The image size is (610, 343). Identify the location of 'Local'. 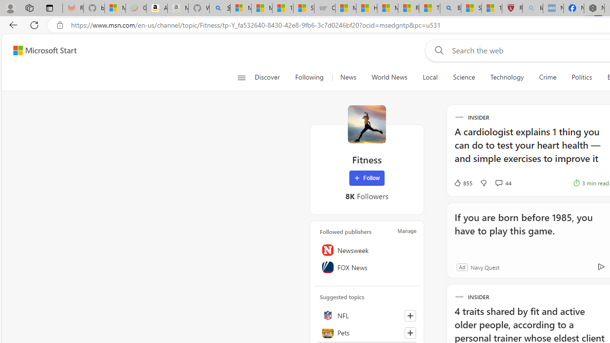
(429, 77).